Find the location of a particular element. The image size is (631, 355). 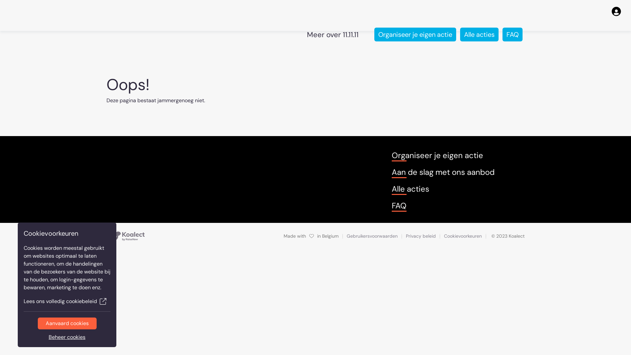

'Cookievoorkeuren' is located at coordinates (462, 236).